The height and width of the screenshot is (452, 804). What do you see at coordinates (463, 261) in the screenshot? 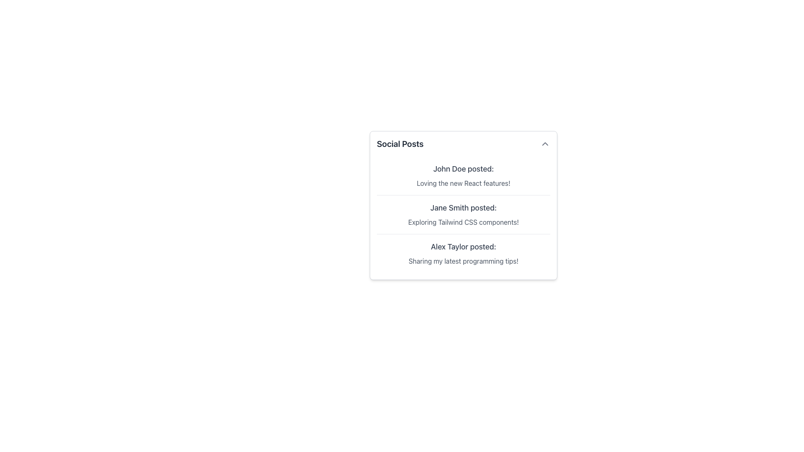
I see `the static text that provides details about what the user has shared, located directly beneath the bold text 'Alex Taylor posted:'` at bounding box center [463, 261].